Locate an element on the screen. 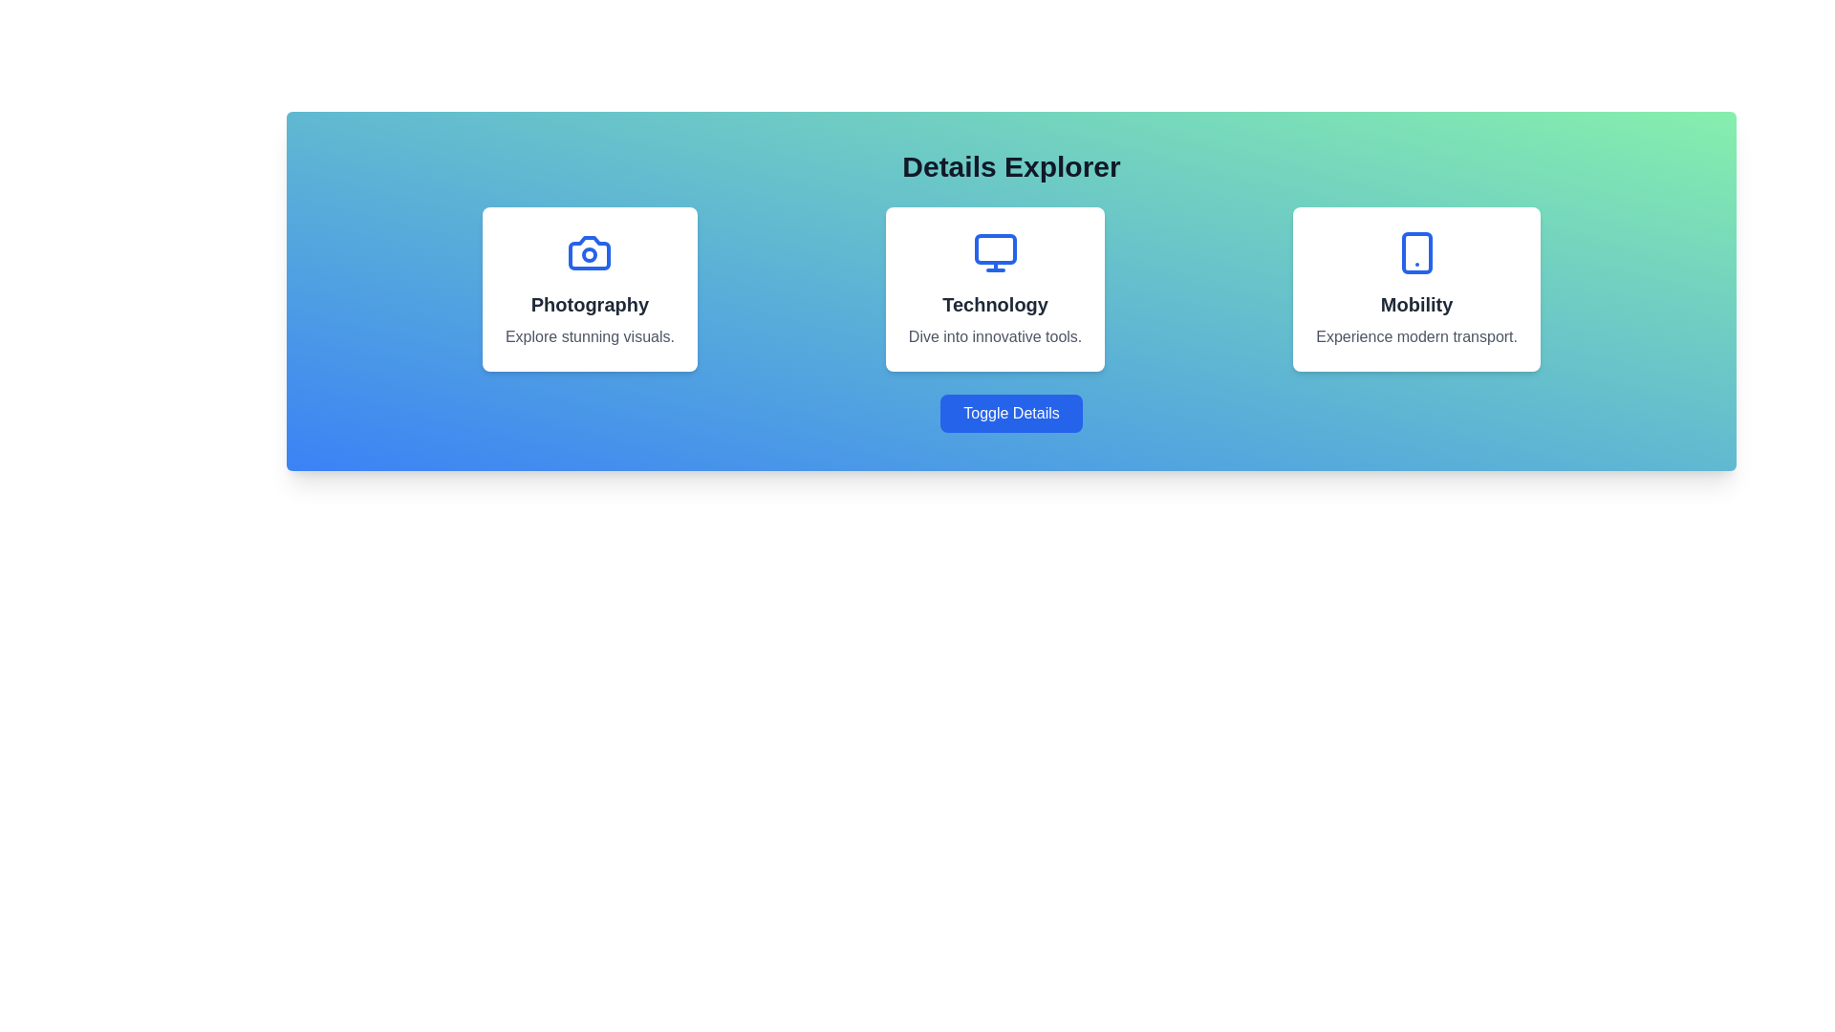 This screenshot has width=1835, height=1032. the photography icon located in the leftmost card labeled 'Photography', which is positioned centrally above the title 'Photography' is located at coordinates (589, 252).